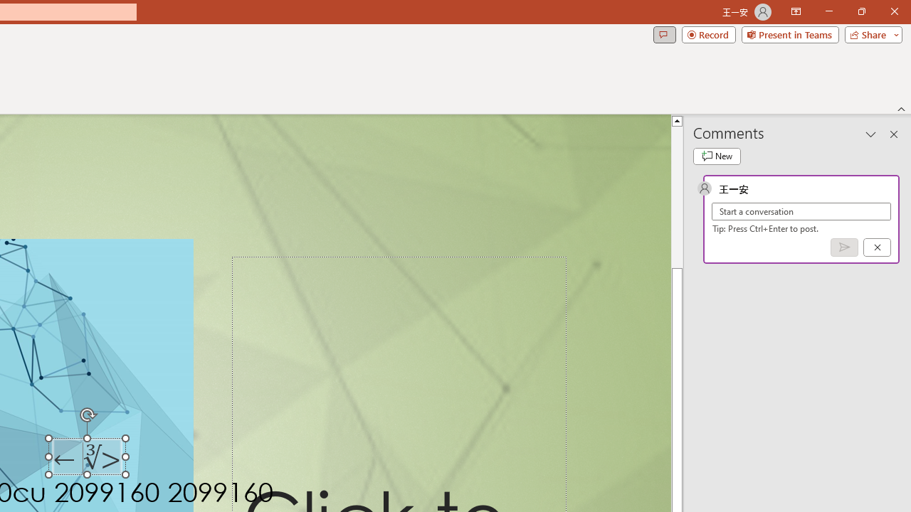 This screenshot has height=512, width=911. What do you see at coordinates (844, 246) in the screenshot?
I see `'Post comment (Ctrl + Enter)'` at bounding box center [844, 246].